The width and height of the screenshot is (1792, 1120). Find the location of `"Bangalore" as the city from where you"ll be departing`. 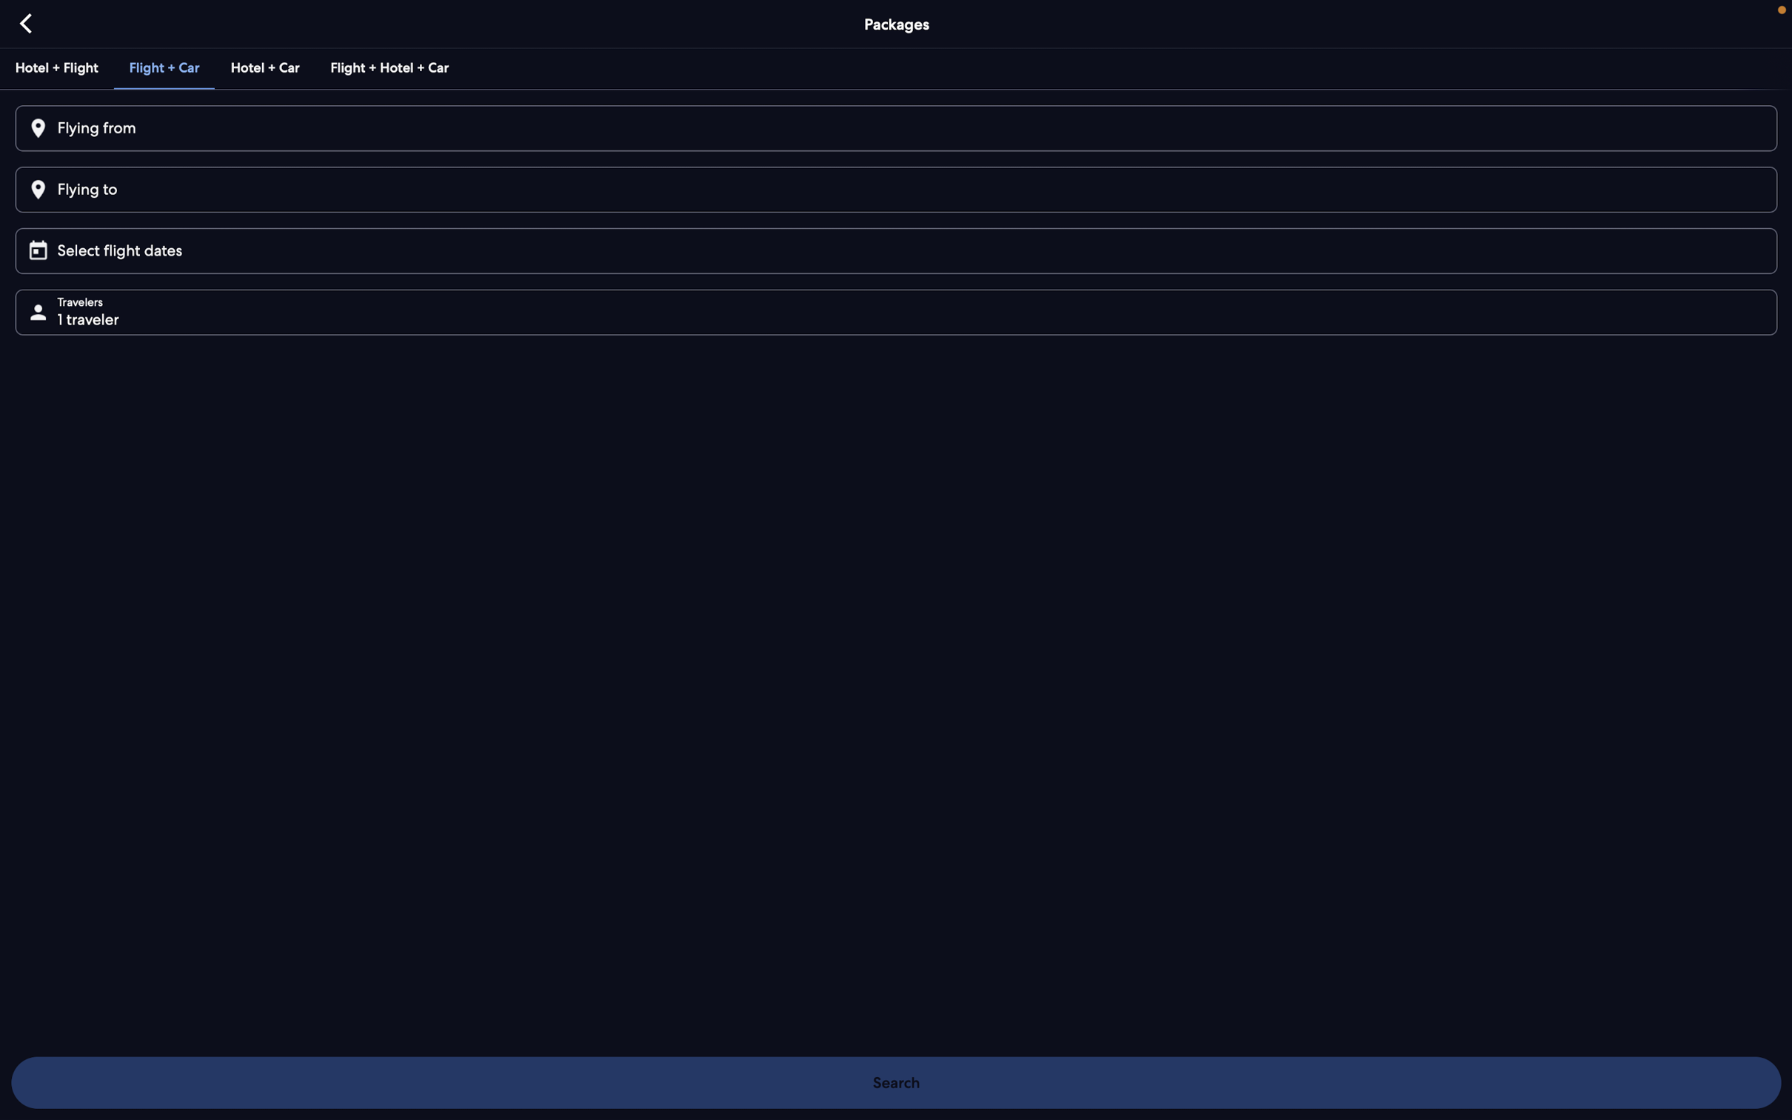

"Bangalore" as the city from where you"ll be departing is located at coordinates (894, 129).